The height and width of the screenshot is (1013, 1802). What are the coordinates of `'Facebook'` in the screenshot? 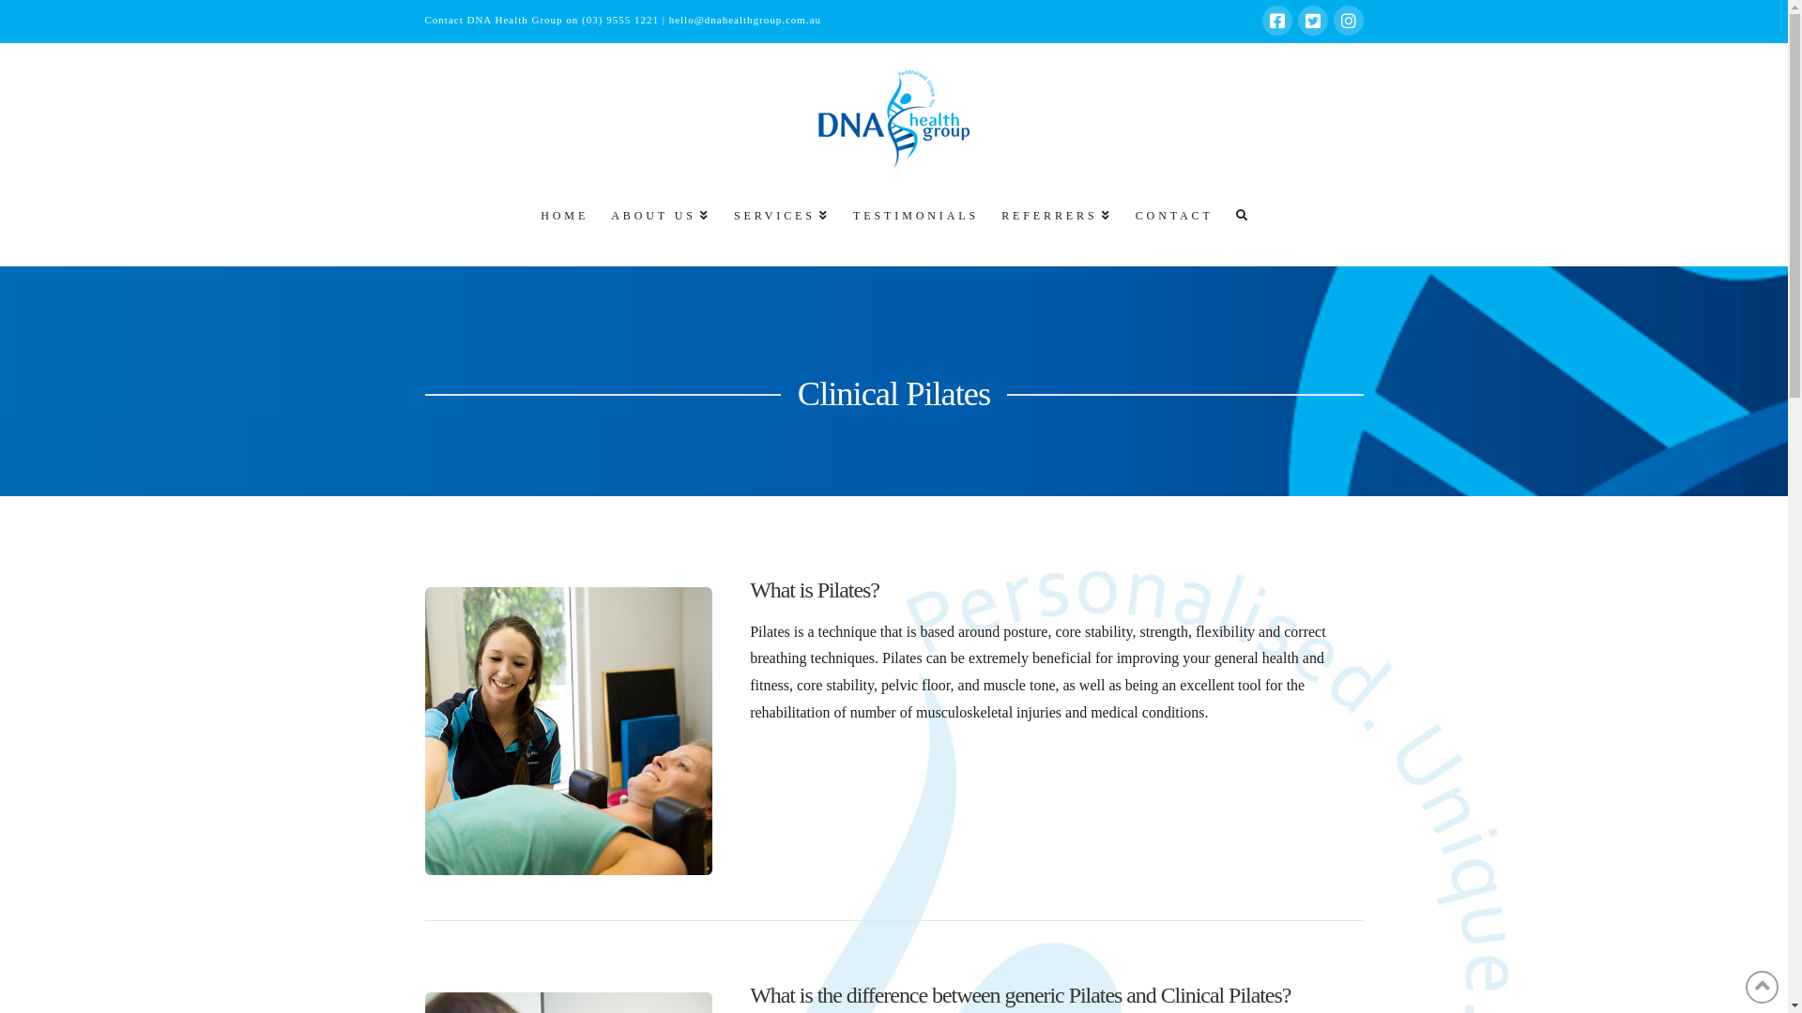 It's located at (1275, 21).